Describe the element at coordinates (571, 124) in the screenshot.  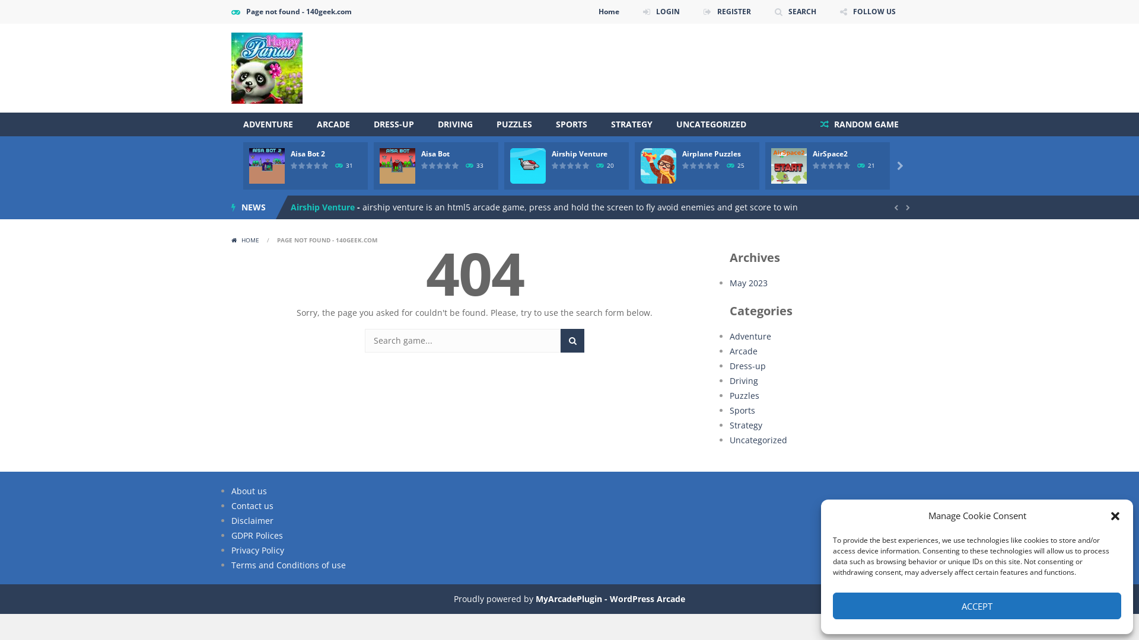
I see `'SPORTS'` at that location.